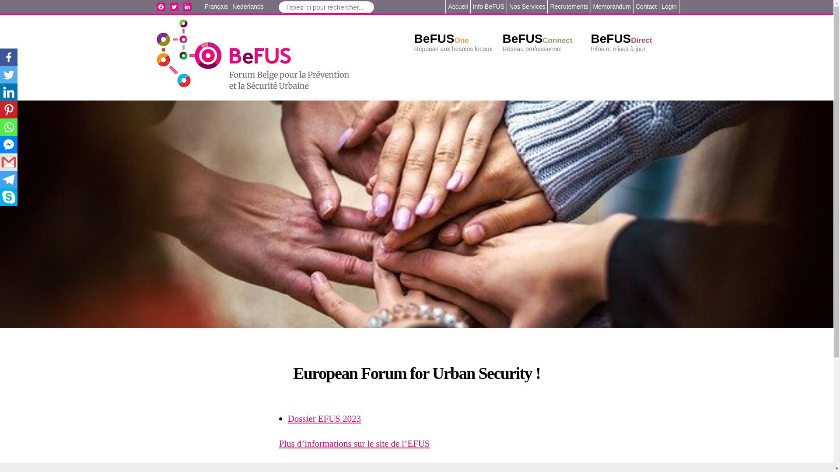 This screenshot has width=840, height=472. Describe the element at coordinates (611, 7) in the screenshot. I see `'Memorandum'` at that location.